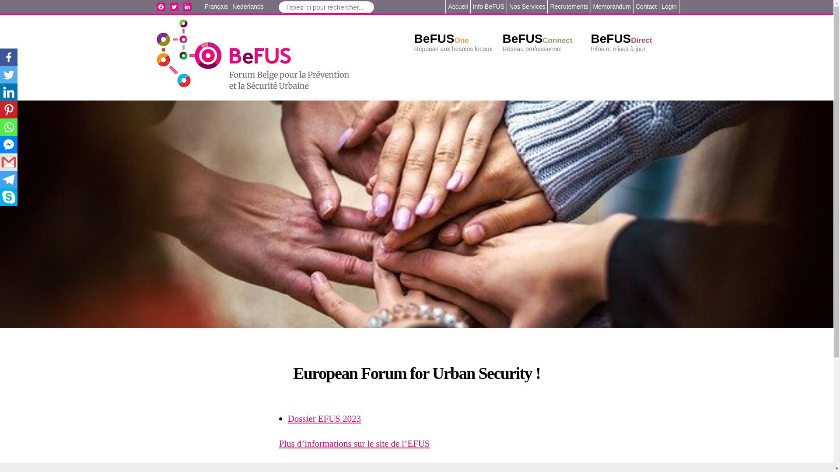 This screenshot has width=840, height=472. Describe the element at coordinates (611, 7) in the screenshot. I see `'Memorandum'` at that location.